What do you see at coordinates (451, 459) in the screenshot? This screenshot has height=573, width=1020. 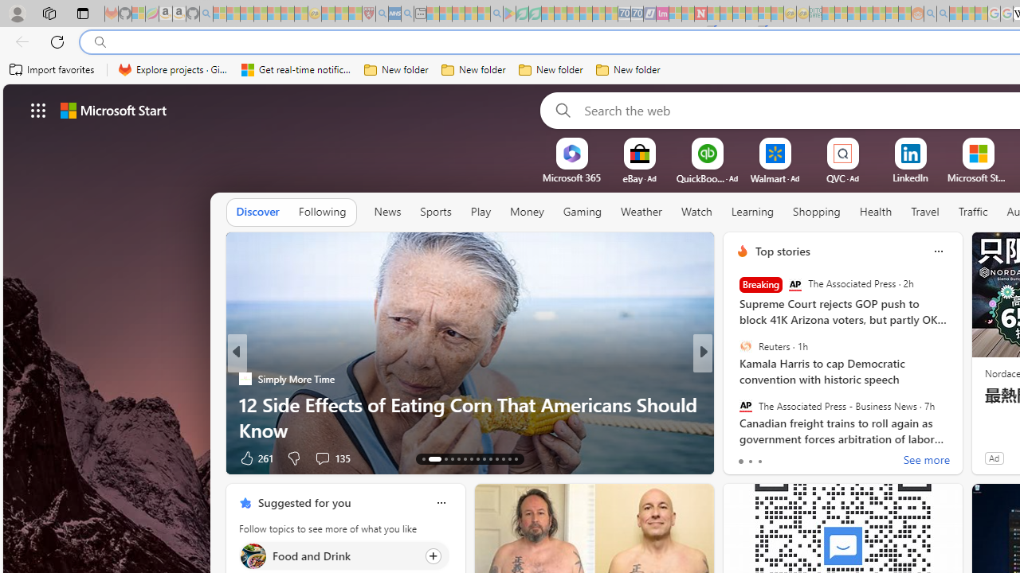 I see `'AutomationID: tab-16'` at bounding box center [451, 459].